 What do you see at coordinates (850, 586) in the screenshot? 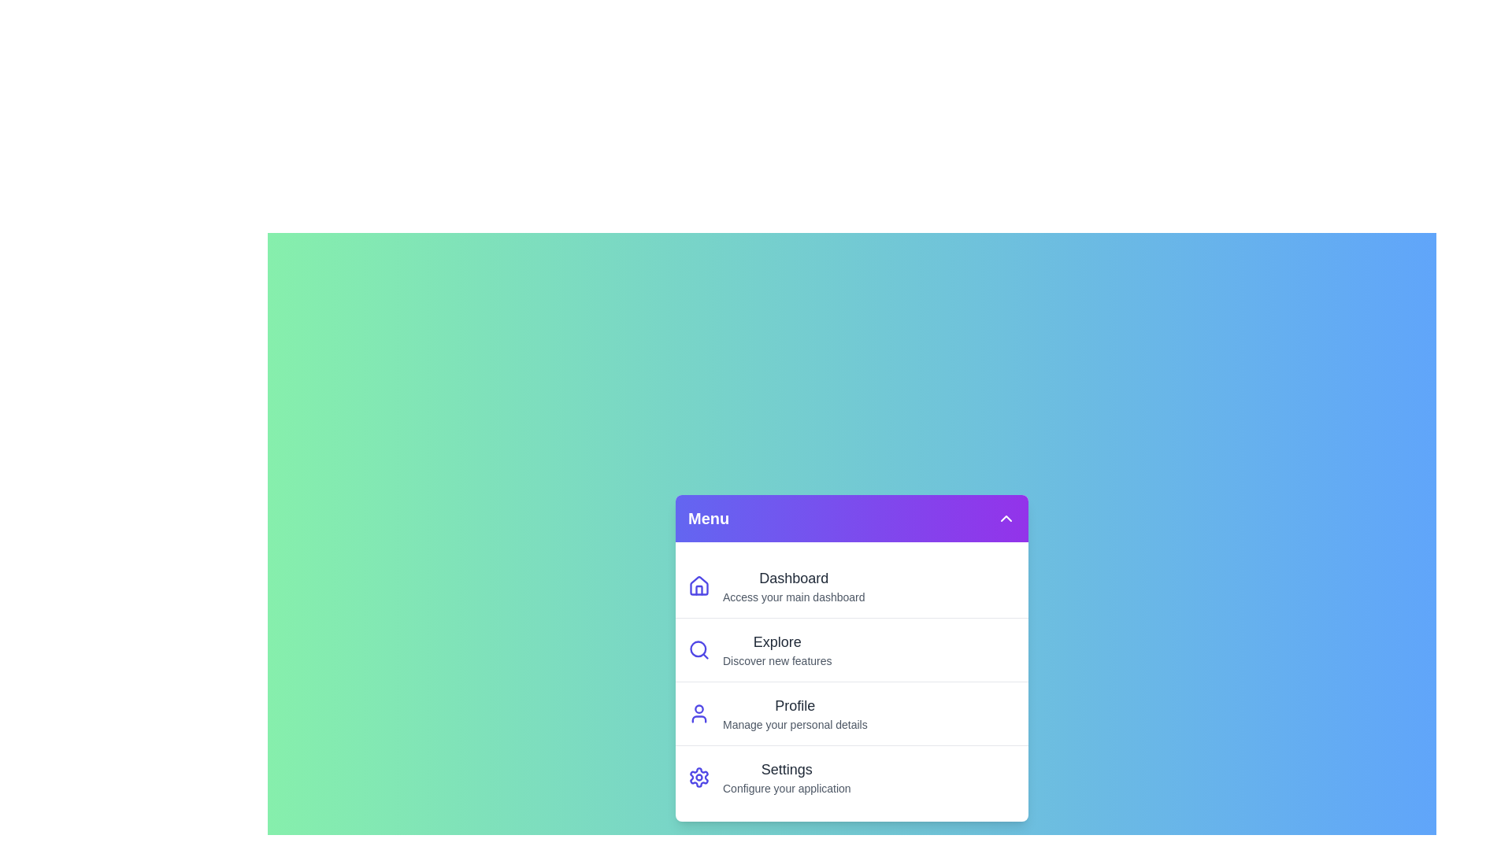
I see `the menu item Dashboard to view its hover effect` at bounding box center [850, 586].